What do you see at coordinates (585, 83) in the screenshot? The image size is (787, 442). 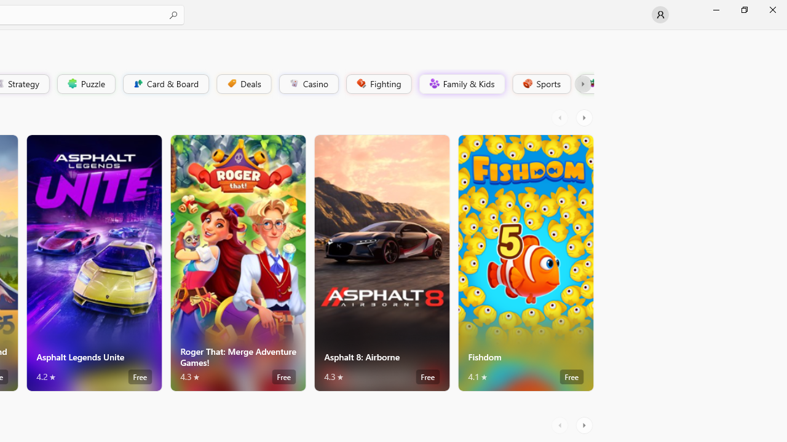 I see `'Platformer'` at bounding box center [585, 83].